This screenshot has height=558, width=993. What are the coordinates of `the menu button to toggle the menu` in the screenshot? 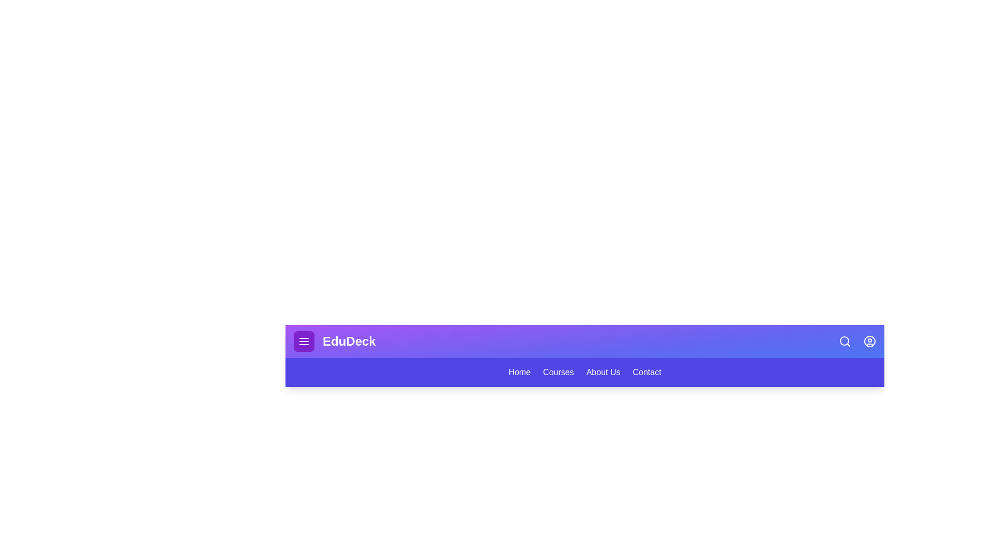 It's located at (304, 341).